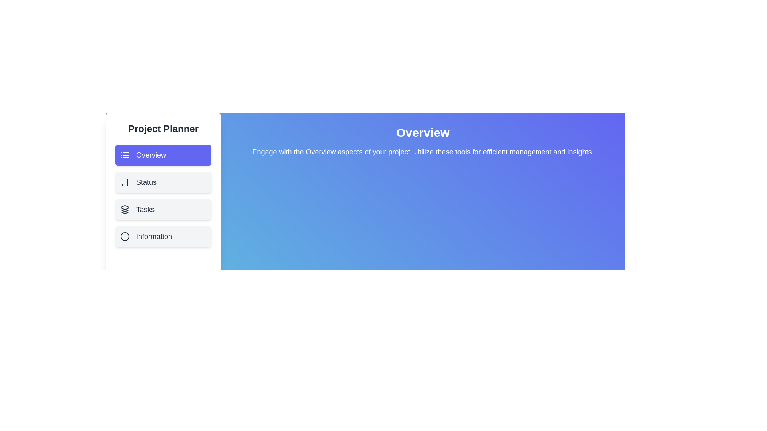  Describe the element at coordinates (163, 182) in the screenshot. I see `the sidebar menu item corresponding to Status` at that location.